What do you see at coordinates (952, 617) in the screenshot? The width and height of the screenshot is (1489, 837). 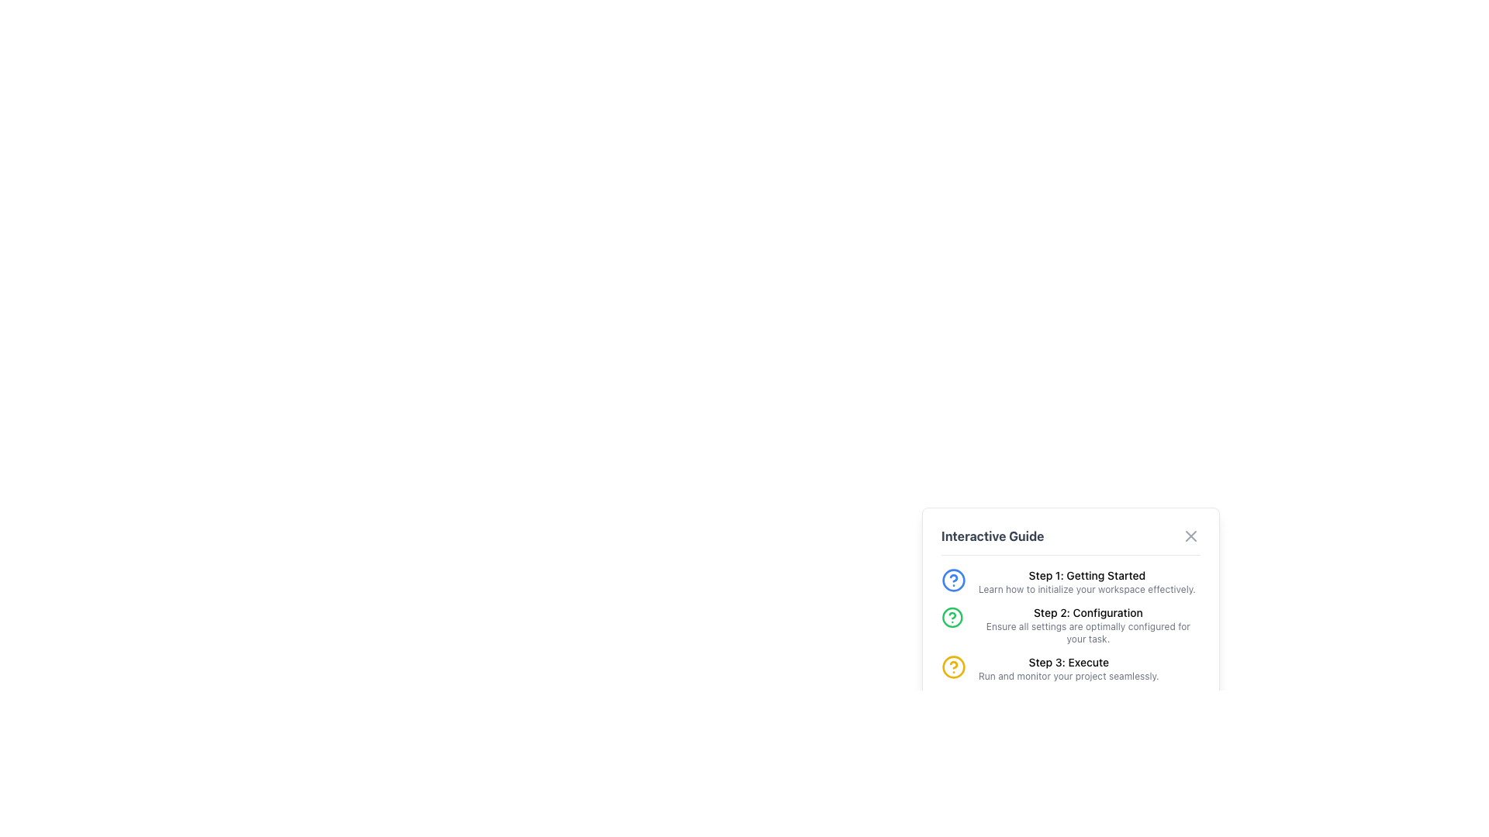 I see `the green circular help icon with a white question mark, located centrally in the 'Interactive Guide' for 'Step 2: Configuration'` at bounding box center [952, 617].